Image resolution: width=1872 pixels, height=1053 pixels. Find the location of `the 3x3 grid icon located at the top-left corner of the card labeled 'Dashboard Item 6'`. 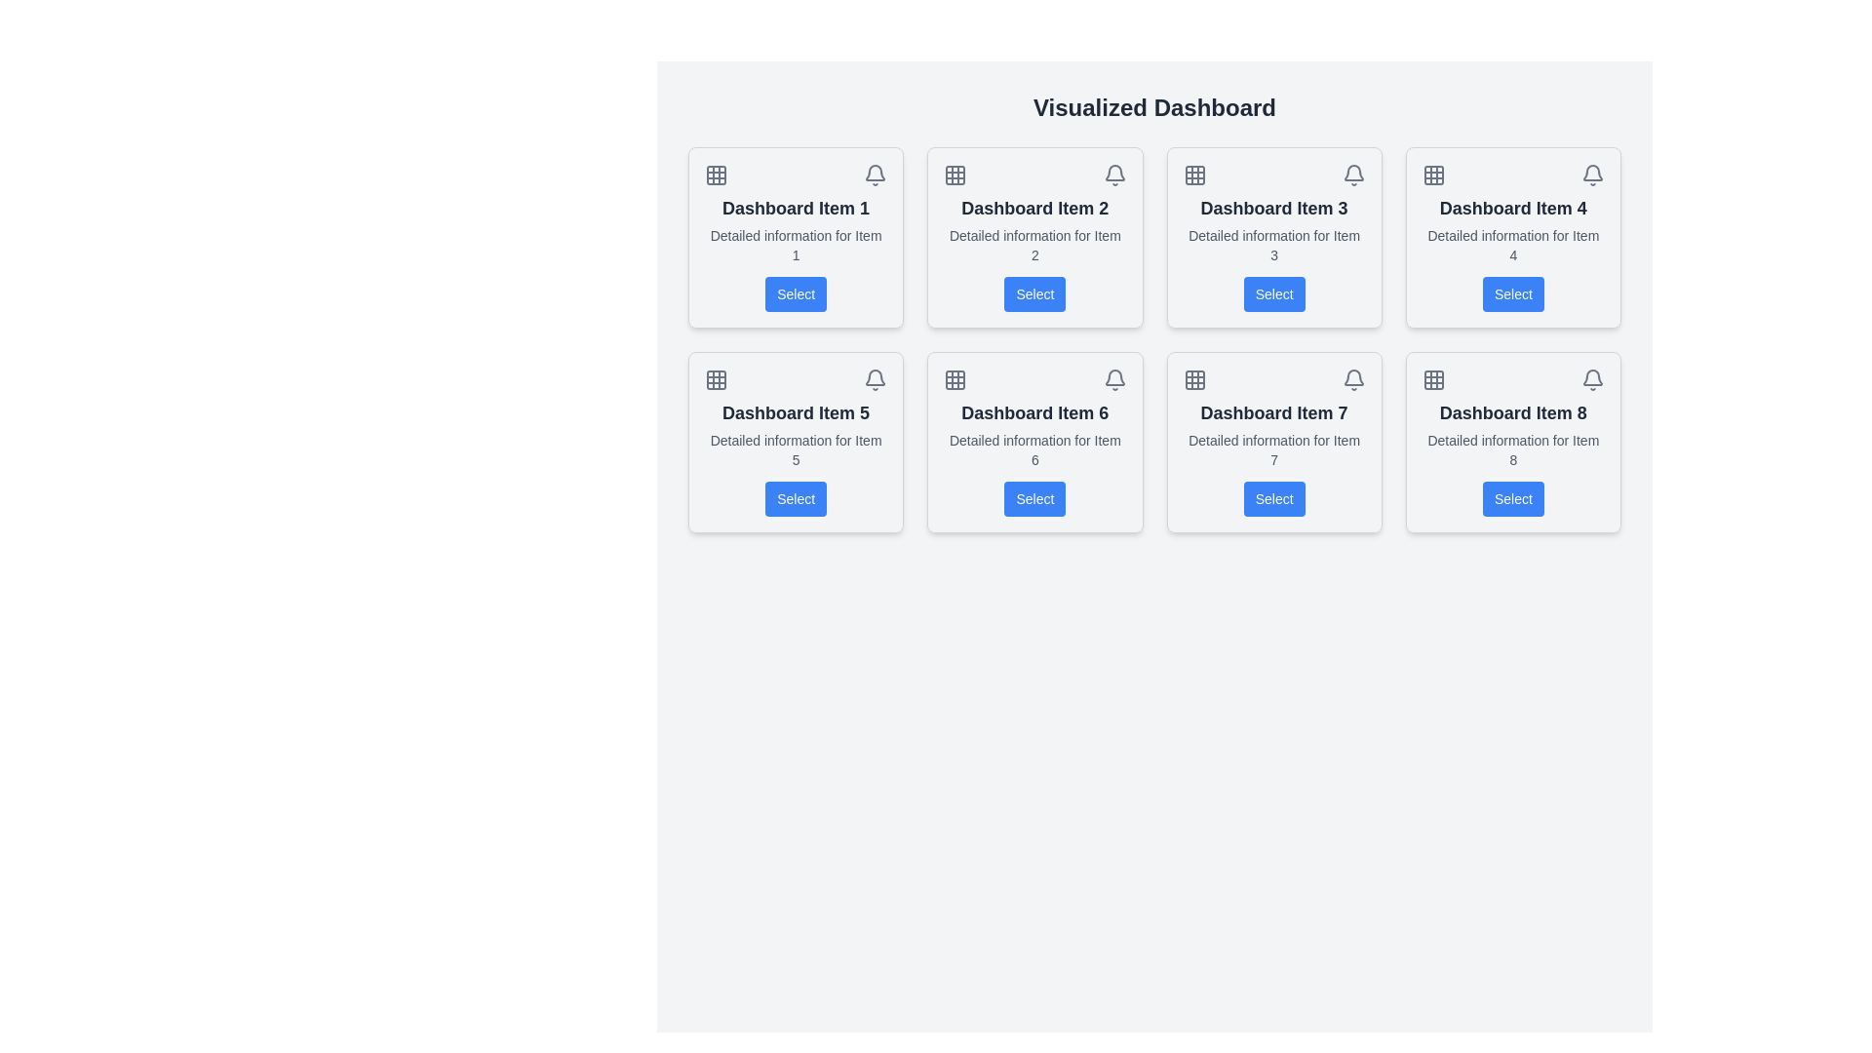

the 3x3 grid icon located at the top-left corner of the card labeled 'Dashboard Item 6' is located at coordinates (955, 379).